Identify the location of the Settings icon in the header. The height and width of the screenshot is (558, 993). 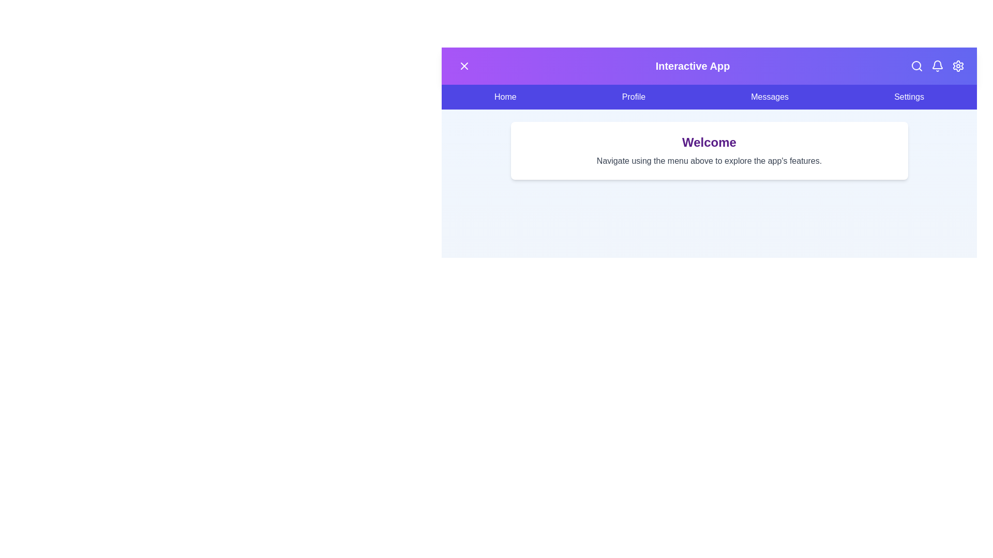
(957, 66).